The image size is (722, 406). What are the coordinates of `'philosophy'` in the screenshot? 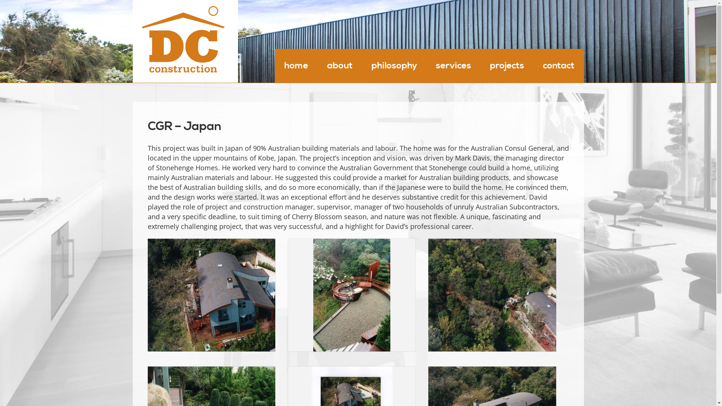 It's located at (361, 65).